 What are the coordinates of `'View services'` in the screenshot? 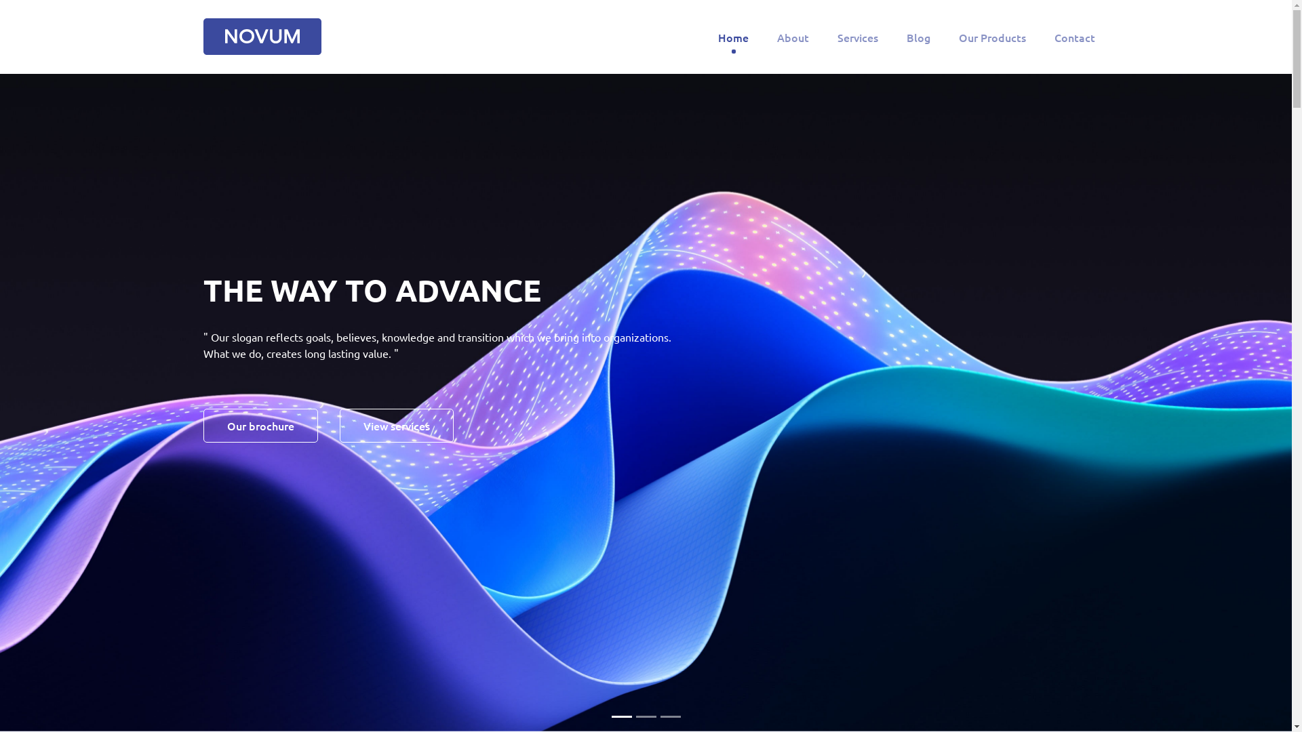 It's located at (396, 425).